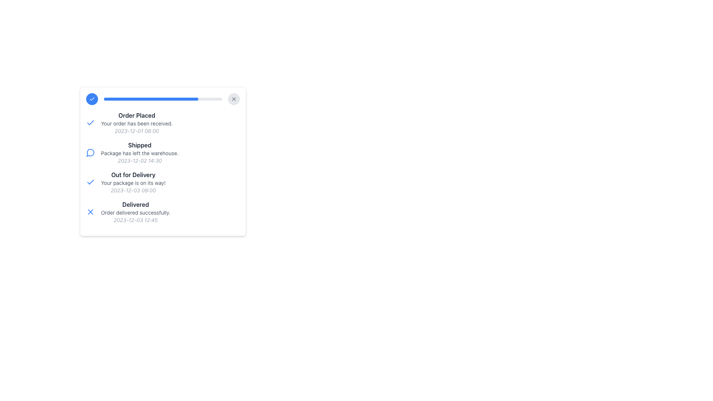  What do you see at coordinates (90, 182) in the screenshot?
I see `completion status icon that indicates the delivery stage, located next to the text 'Out for Delivery.'` at bounding box center [90, 182].